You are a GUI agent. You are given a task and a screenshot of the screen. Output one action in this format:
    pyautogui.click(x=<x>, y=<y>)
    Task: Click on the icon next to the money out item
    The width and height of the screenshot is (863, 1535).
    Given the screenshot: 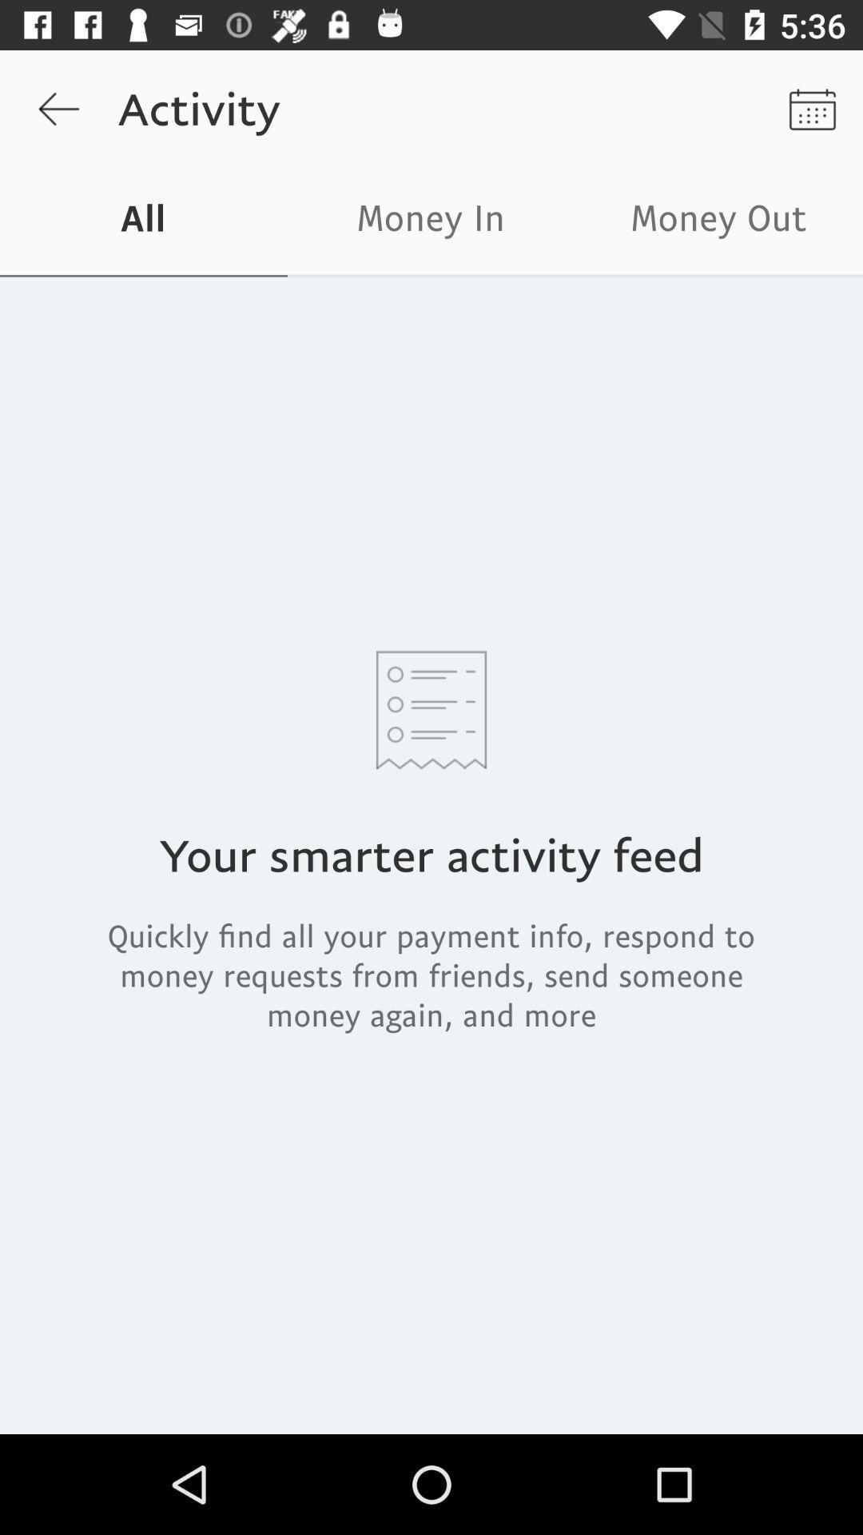 What is the action you would take?
    pyautogui.click(x=431, y=221)
    